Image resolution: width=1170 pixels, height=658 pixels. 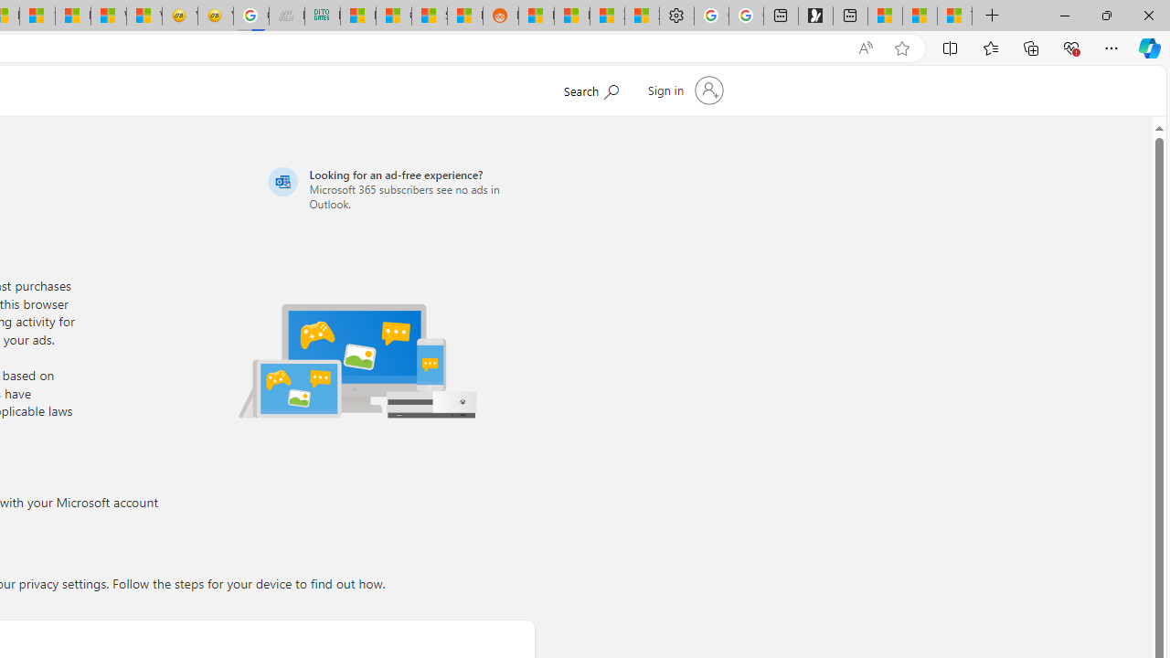 I want to click on 'New Tab', so click(x=992, y=16).